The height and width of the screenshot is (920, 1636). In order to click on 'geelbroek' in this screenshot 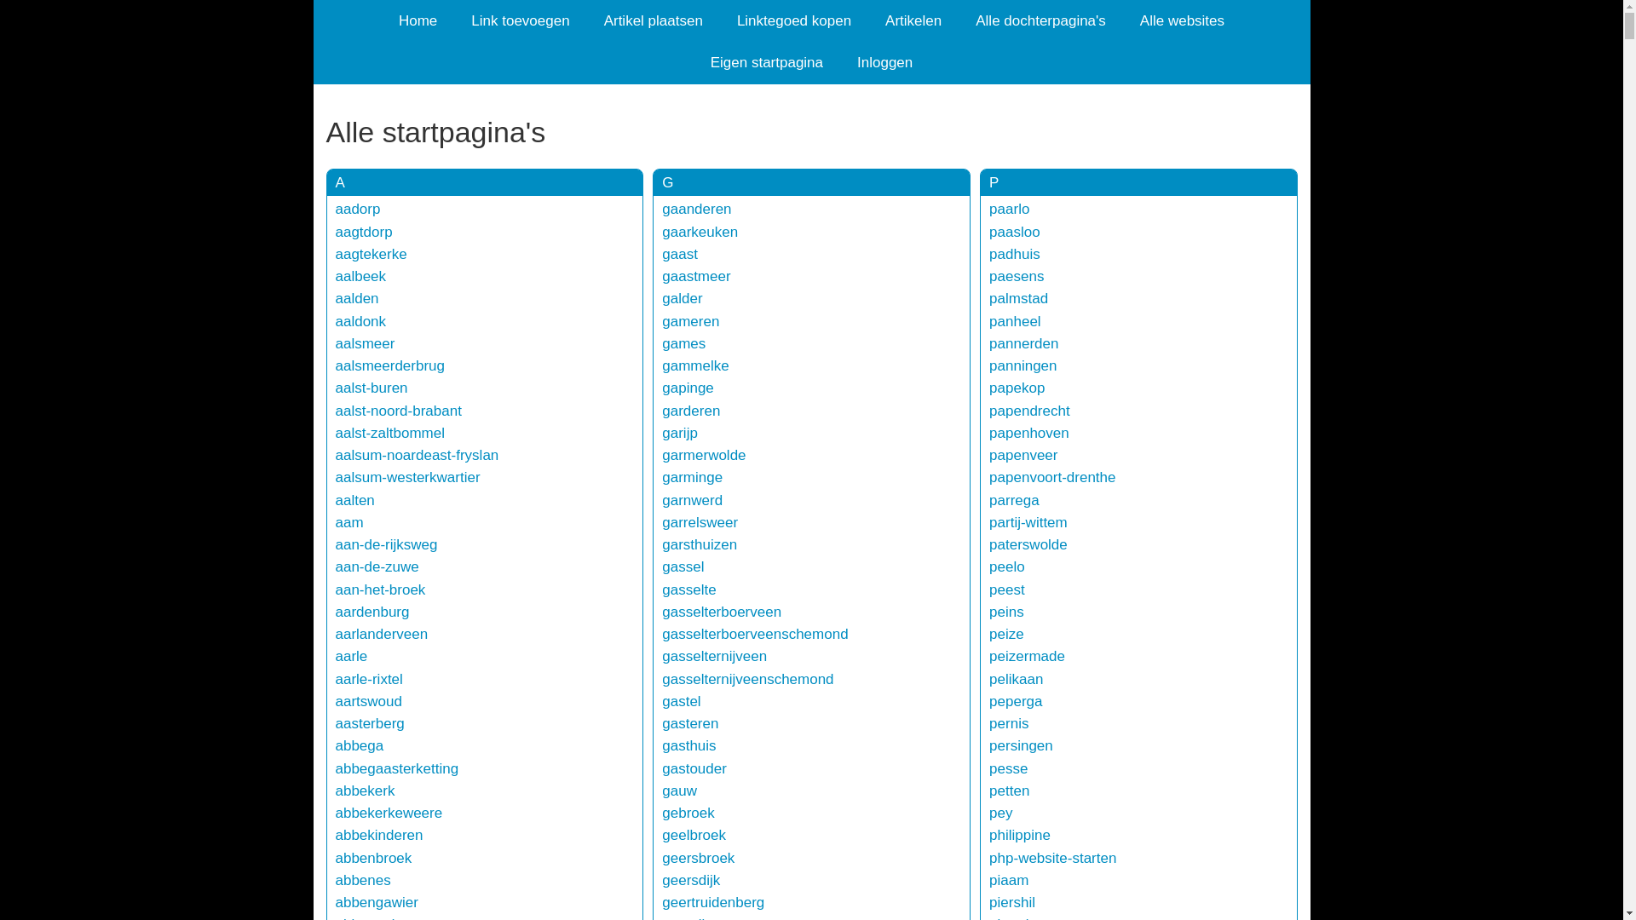, I will do `click(694, 834)`.